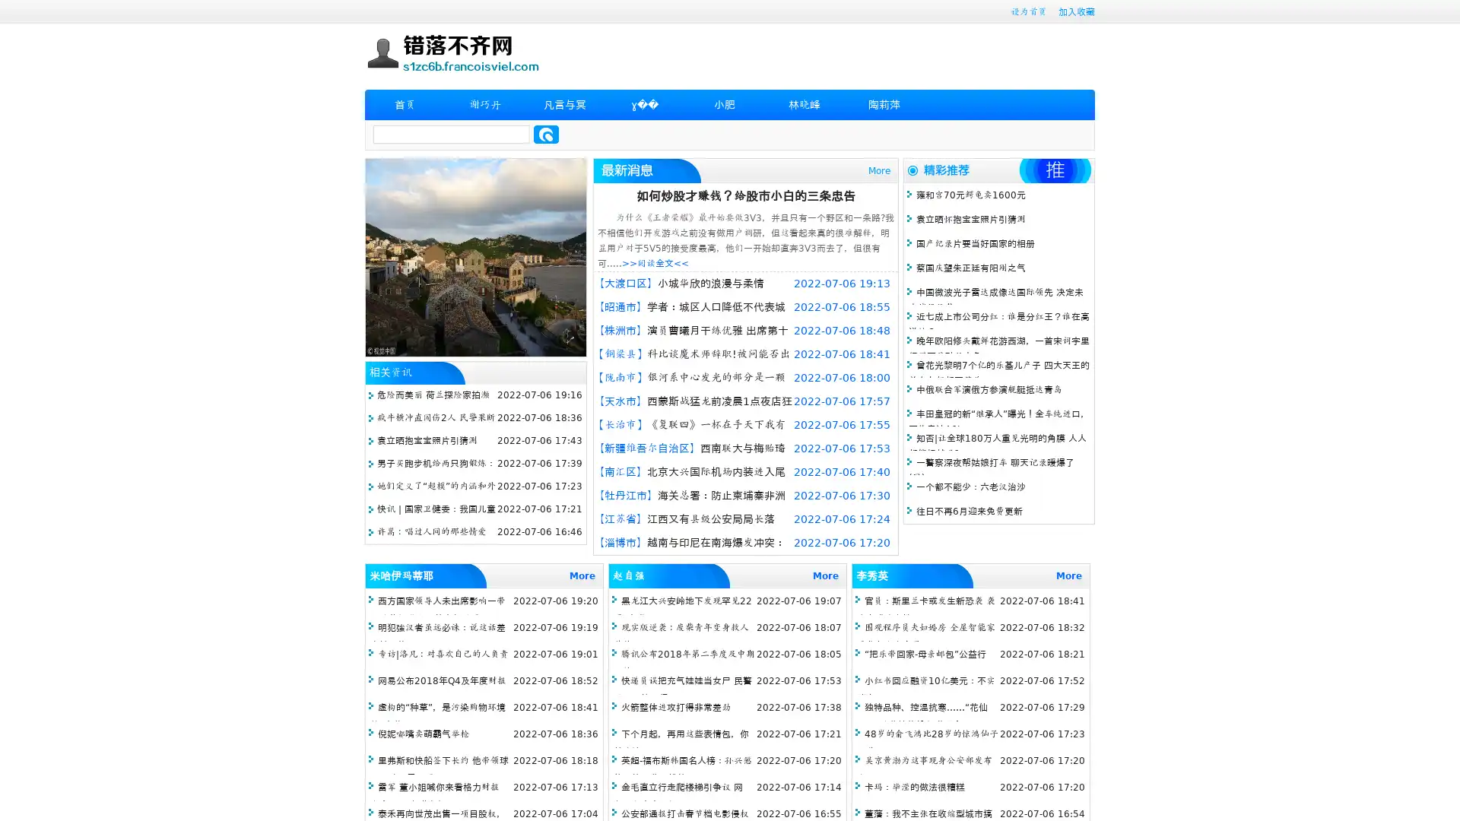 The width and height of the screenshot is (1460, 821). I want to click on Search, so click(546, 134).